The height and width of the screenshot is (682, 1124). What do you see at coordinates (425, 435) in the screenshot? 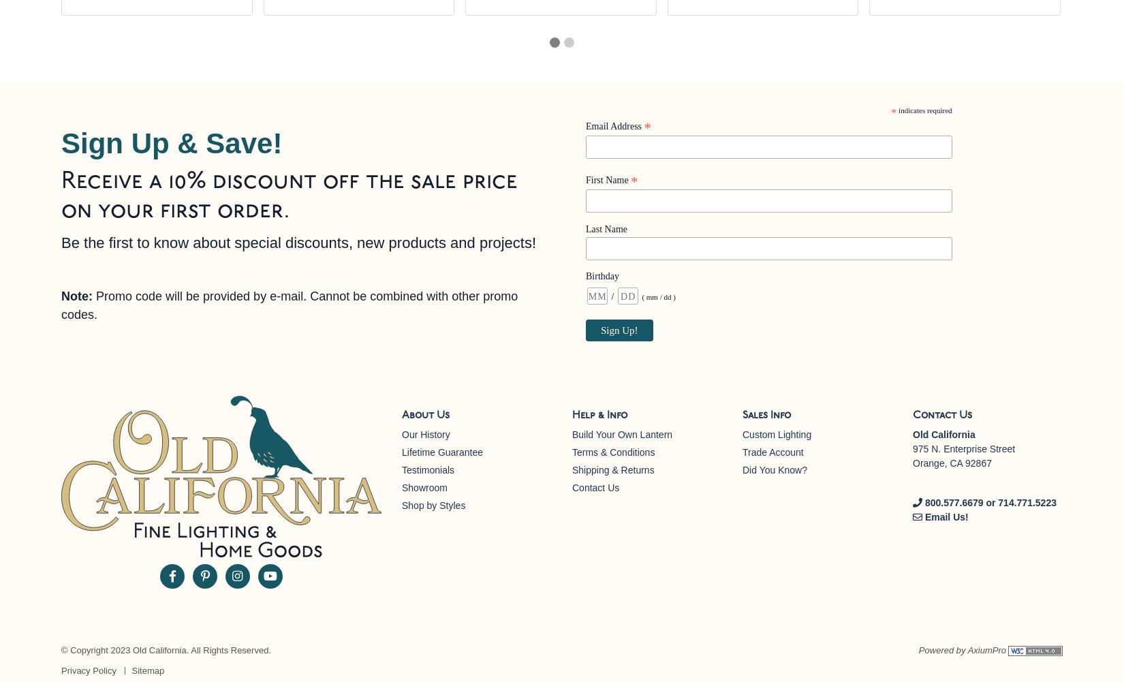
I see `'Our History'` at bounding box center [425, 435].